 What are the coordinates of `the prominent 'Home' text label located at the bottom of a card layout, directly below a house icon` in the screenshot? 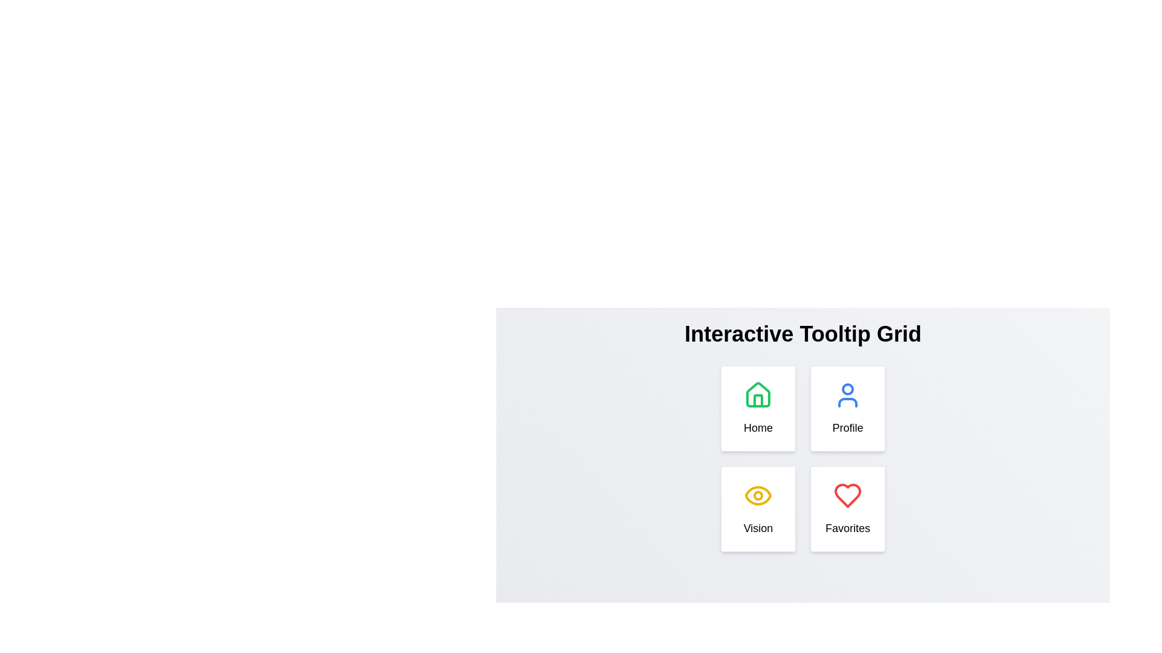 It's located at (757, 427).